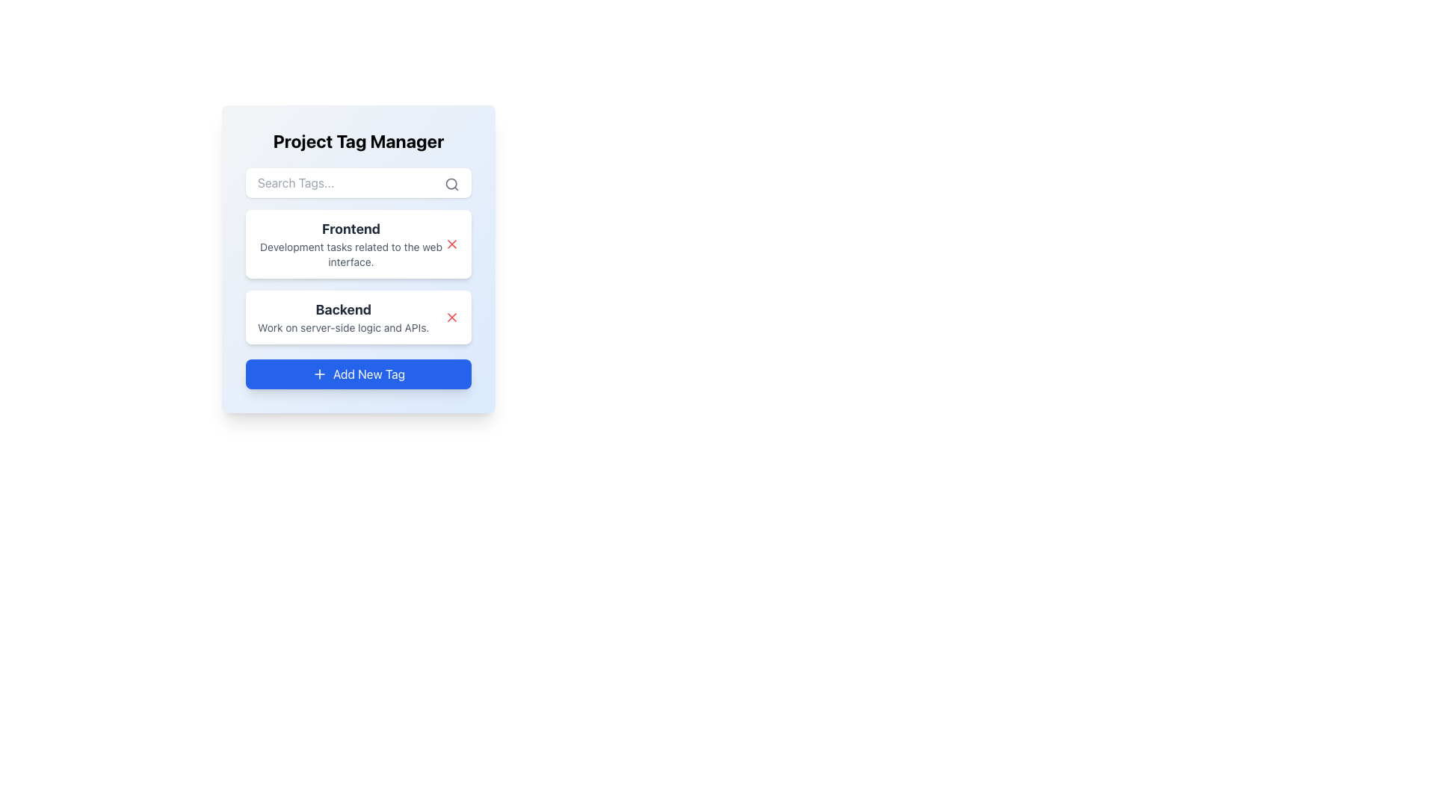 The image size is (1435, 807). What do you see at coordinates (351, 253) in the screenshot?
I see `the static text label providing supplementary information about the 'Frontend' tag, located directly below the 'Frontend' header` at bounding box center [351, 253].